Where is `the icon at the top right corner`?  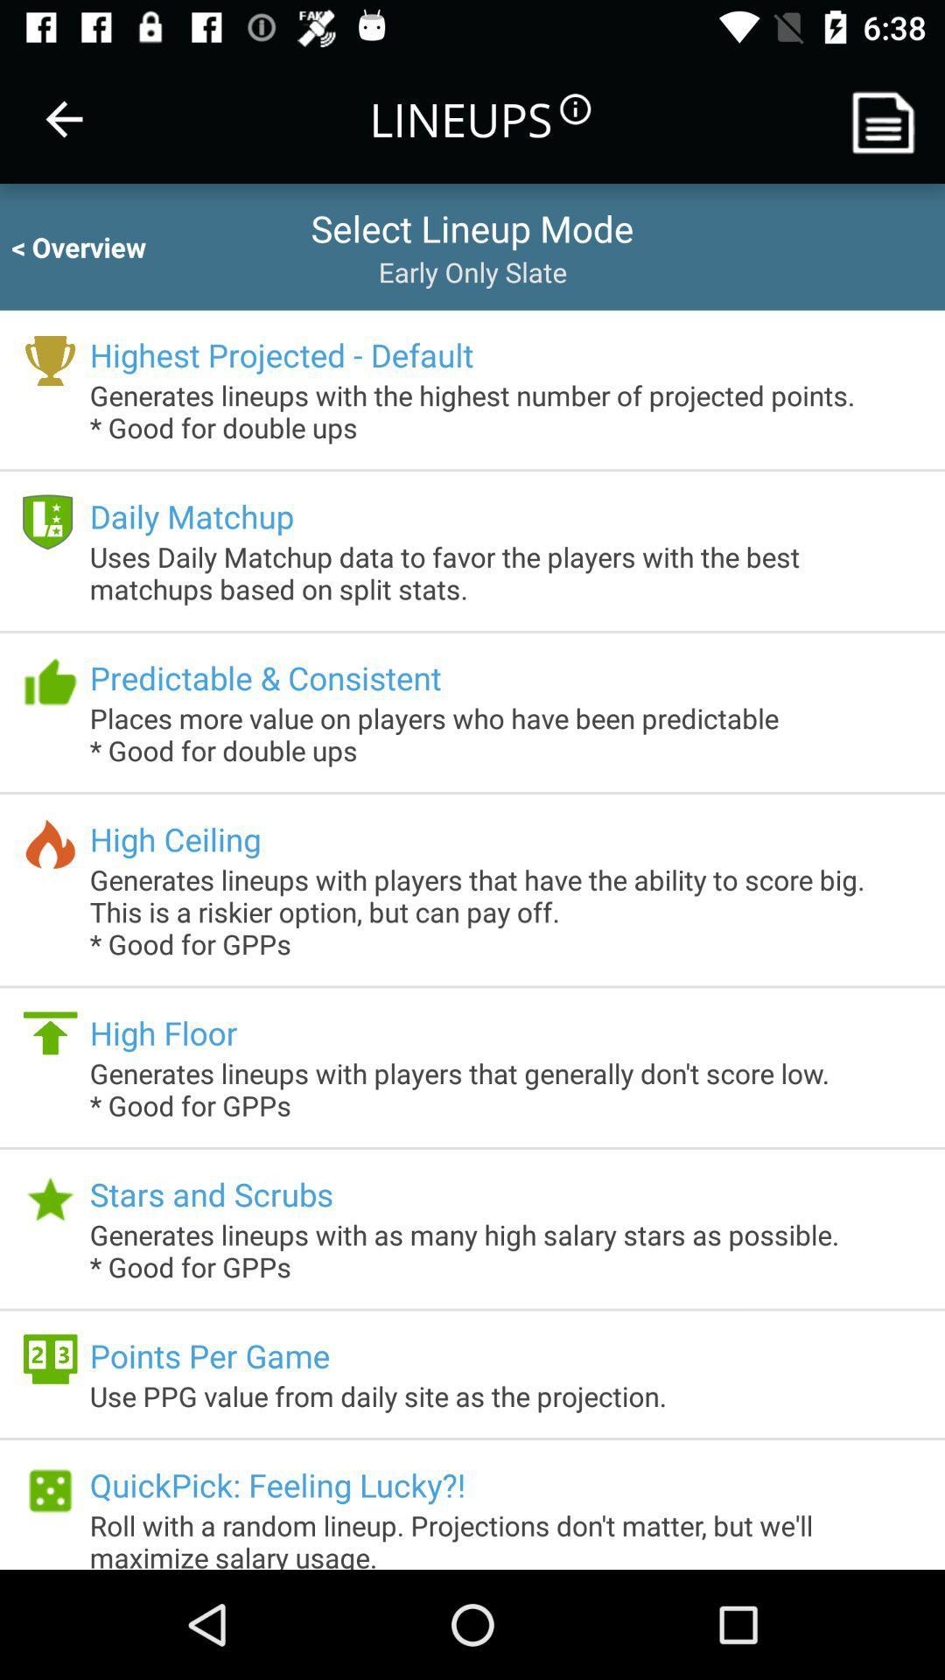
the icon at the top right corner is located at coordinates (890, 118).